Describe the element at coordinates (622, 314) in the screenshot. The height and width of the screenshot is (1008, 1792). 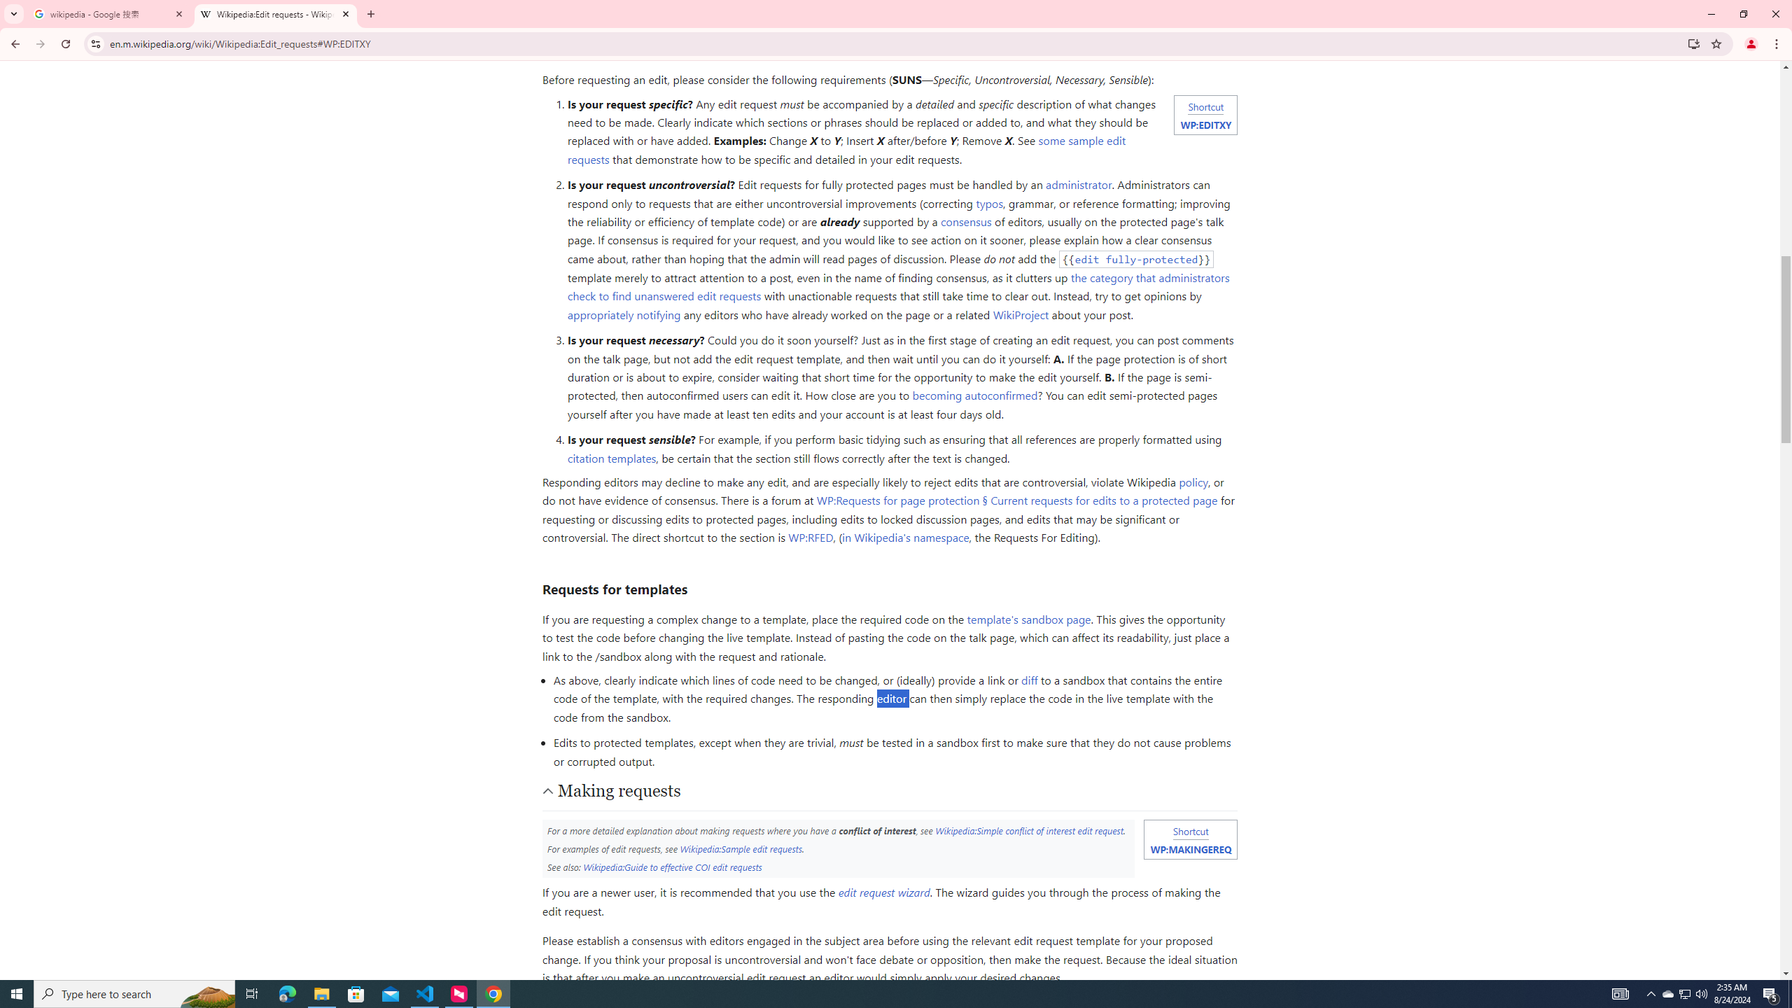
I see `'appropriately notifying'` at that location.